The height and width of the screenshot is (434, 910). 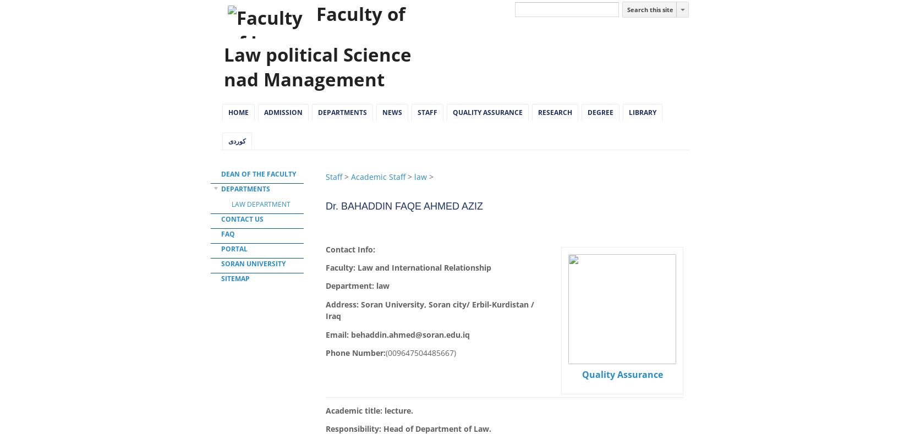 I want to click on 'Academic Staff', so click(x=378, y=176).